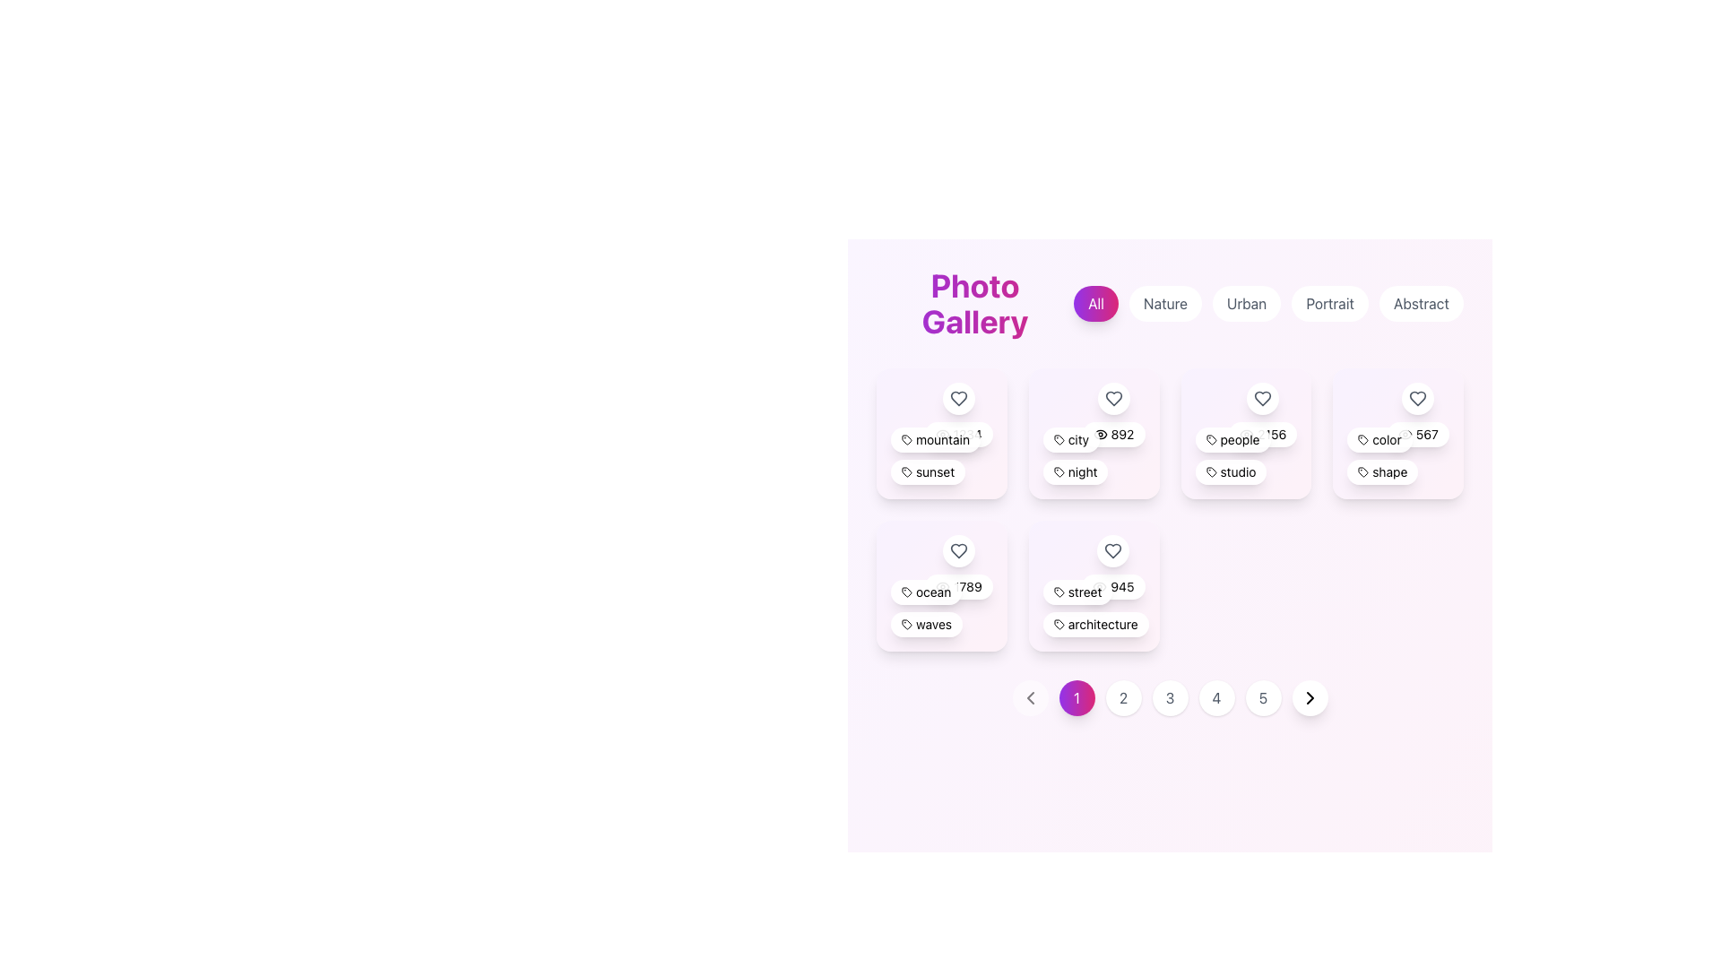 The width and height of the screenshot is (1721, 968). Describe the element at coordinates (907, 439) in the screenshot. I see `the pill-shaped button icon labeled 'mountain' located in the top-left card of the grid layout, which visually represents the thematic tag associated with the text 'mountain'` at that location.